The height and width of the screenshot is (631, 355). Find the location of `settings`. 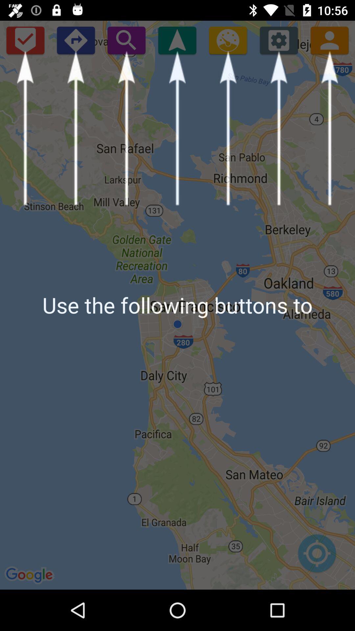

settings is located at coordinates (279, 40).